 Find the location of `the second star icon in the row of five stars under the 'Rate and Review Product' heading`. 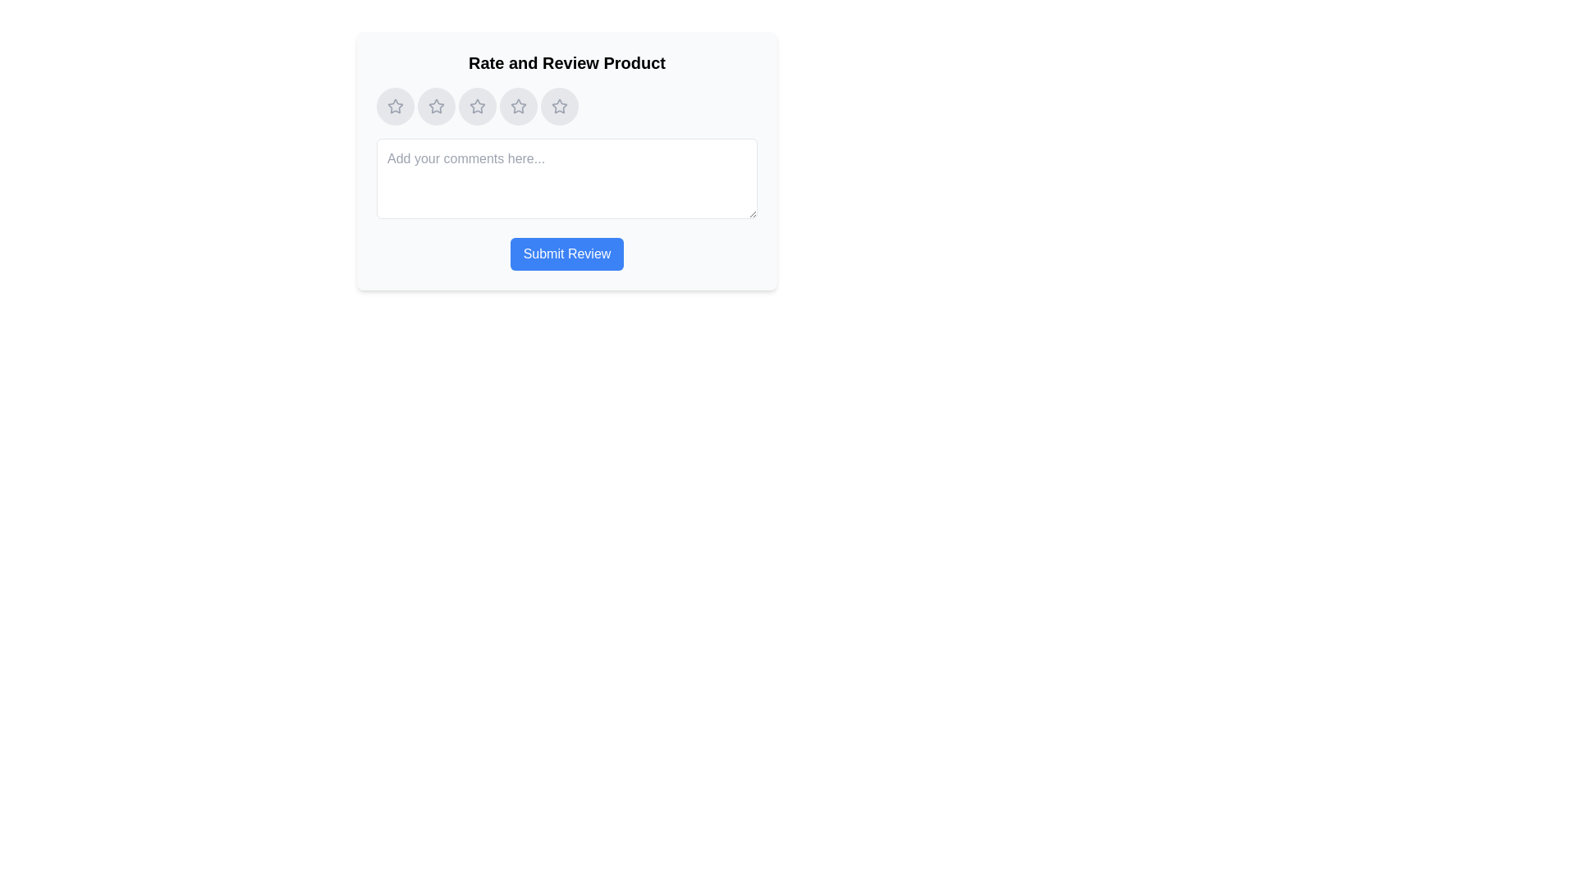

the second star icon in the row of five stars under the 'Rate and Review Product' heading is located at coordinates (476, 107).